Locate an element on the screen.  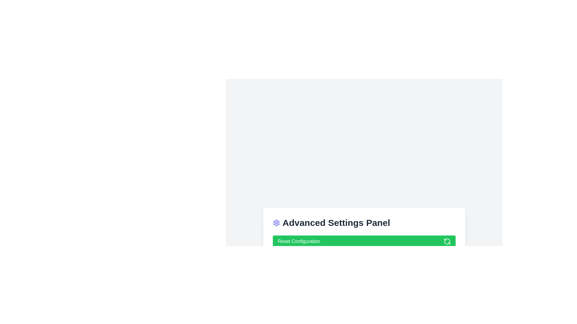
the decorative SVG Circle located in the bottom right corner of the UI panel is located at coordinates (447, 258).